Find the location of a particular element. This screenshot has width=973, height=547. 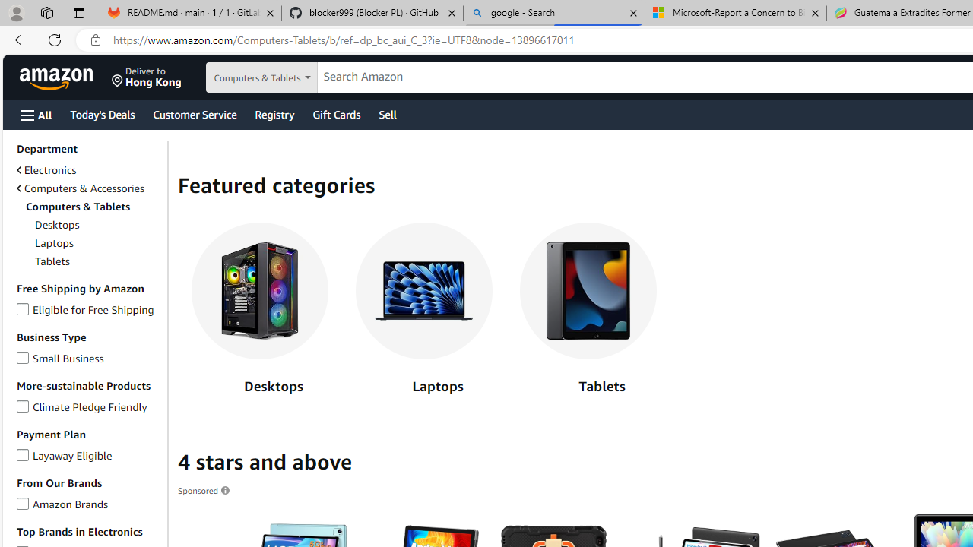

'Amazon BrandsAmazon Brands' is located at coordinates (88, 504).